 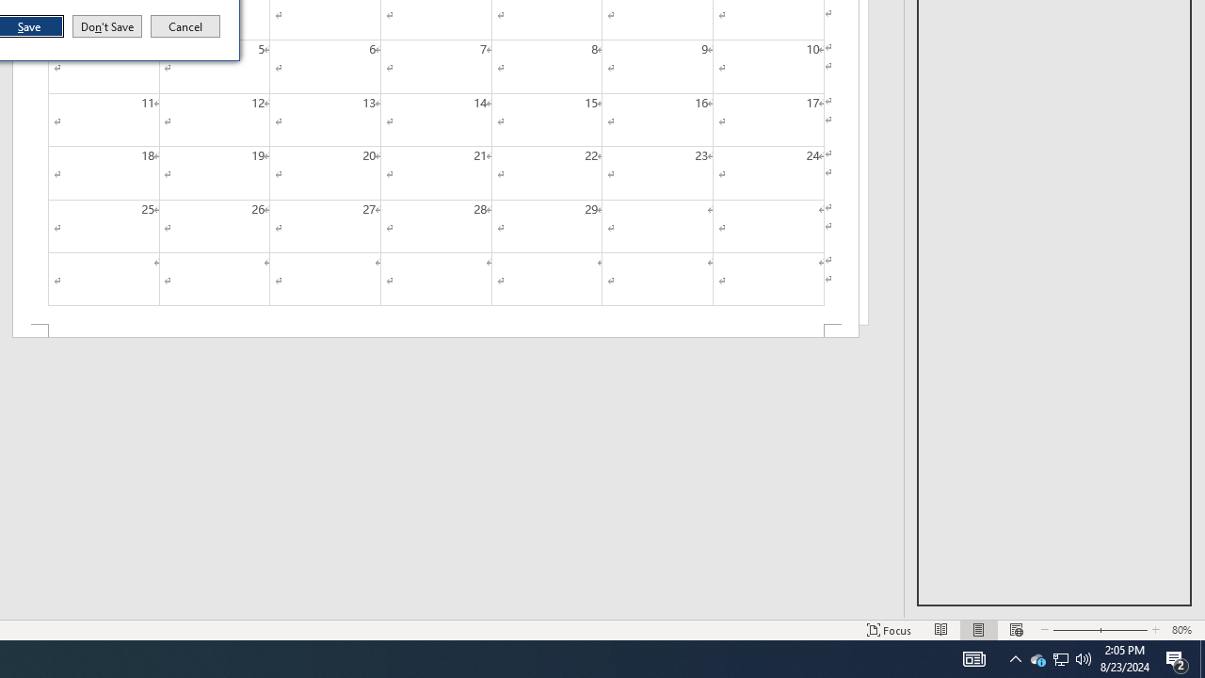 I want to click on 'Notification Chevron', so click(x=1061, y=657).